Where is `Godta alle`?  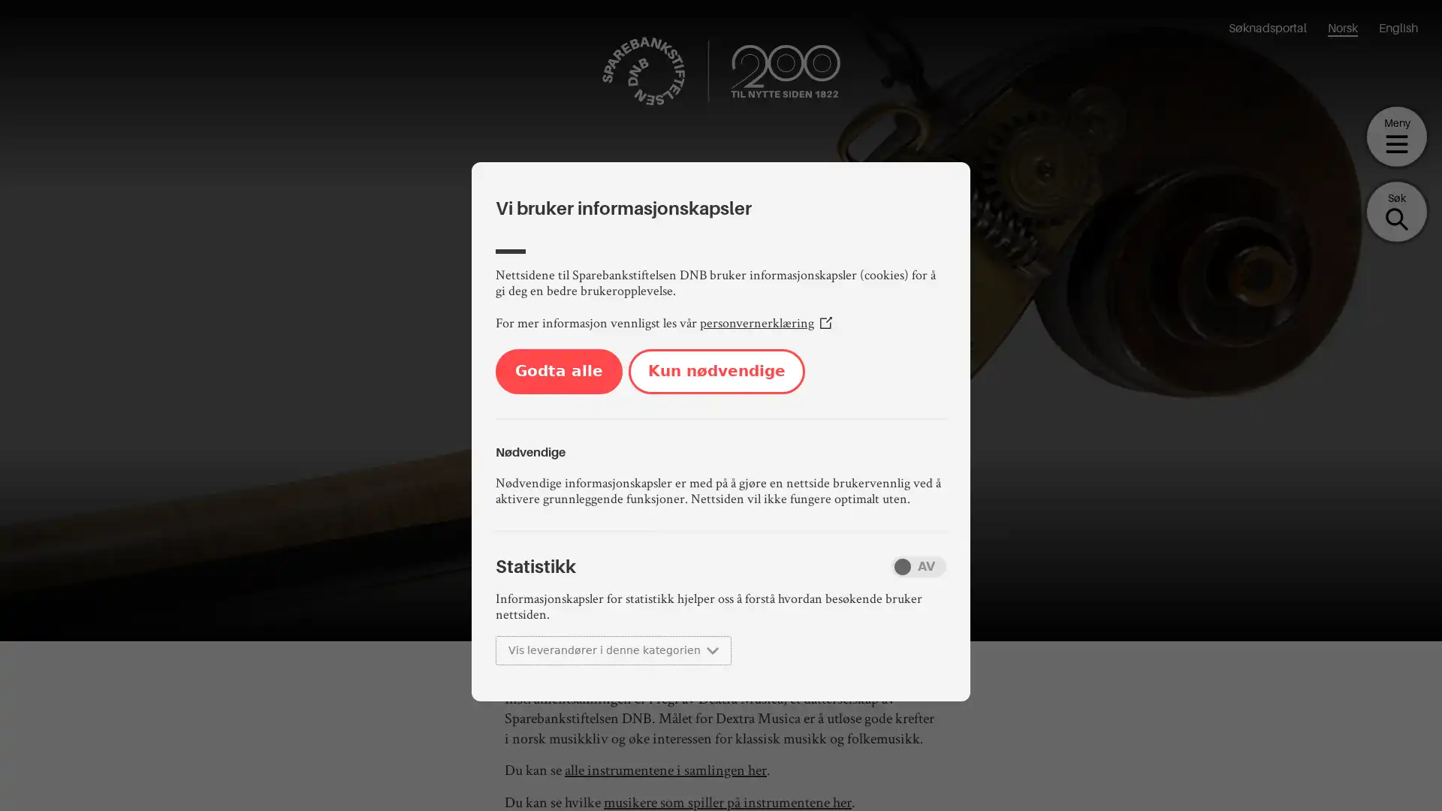
Godta alle is located at coordinates (558, 371).